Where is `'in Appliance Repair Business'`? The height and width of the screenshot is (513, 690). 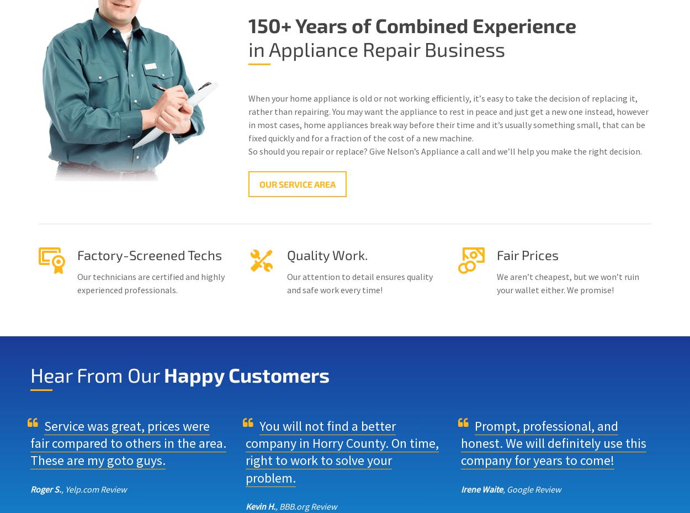 'in Appliance Repair Business' is located at coordinates (376, 47).